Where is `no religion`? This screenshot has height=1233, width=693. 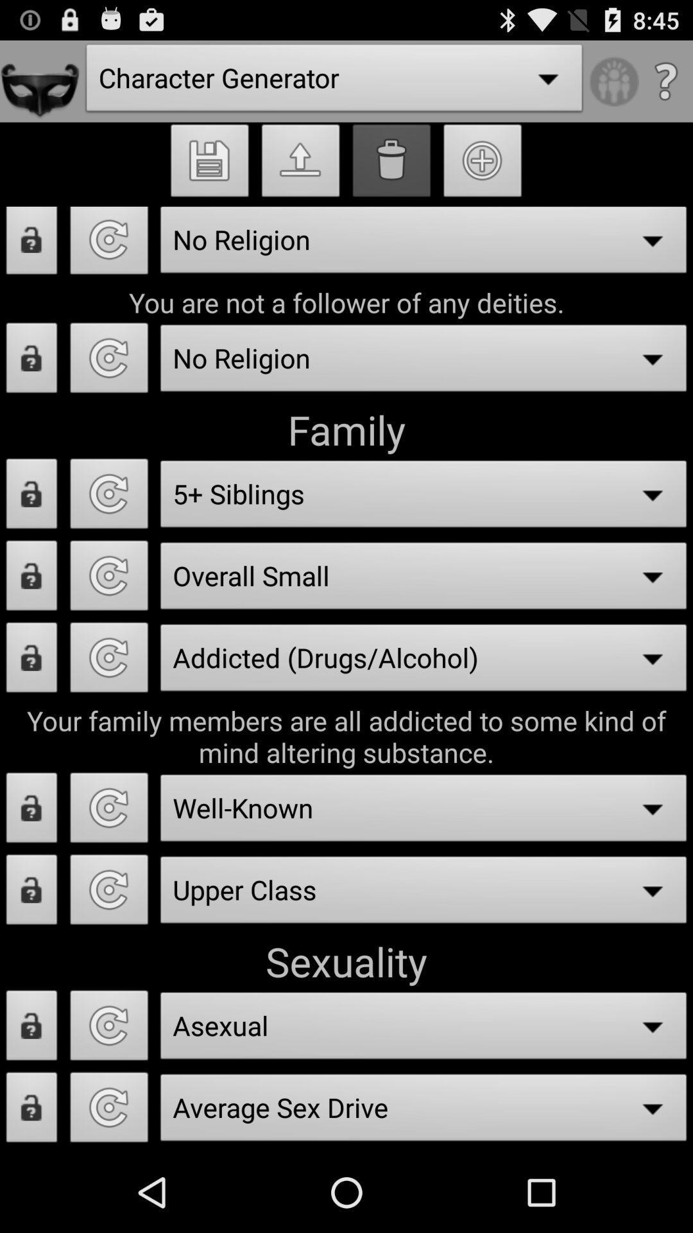 no religion is located at coordinates (108, 245).